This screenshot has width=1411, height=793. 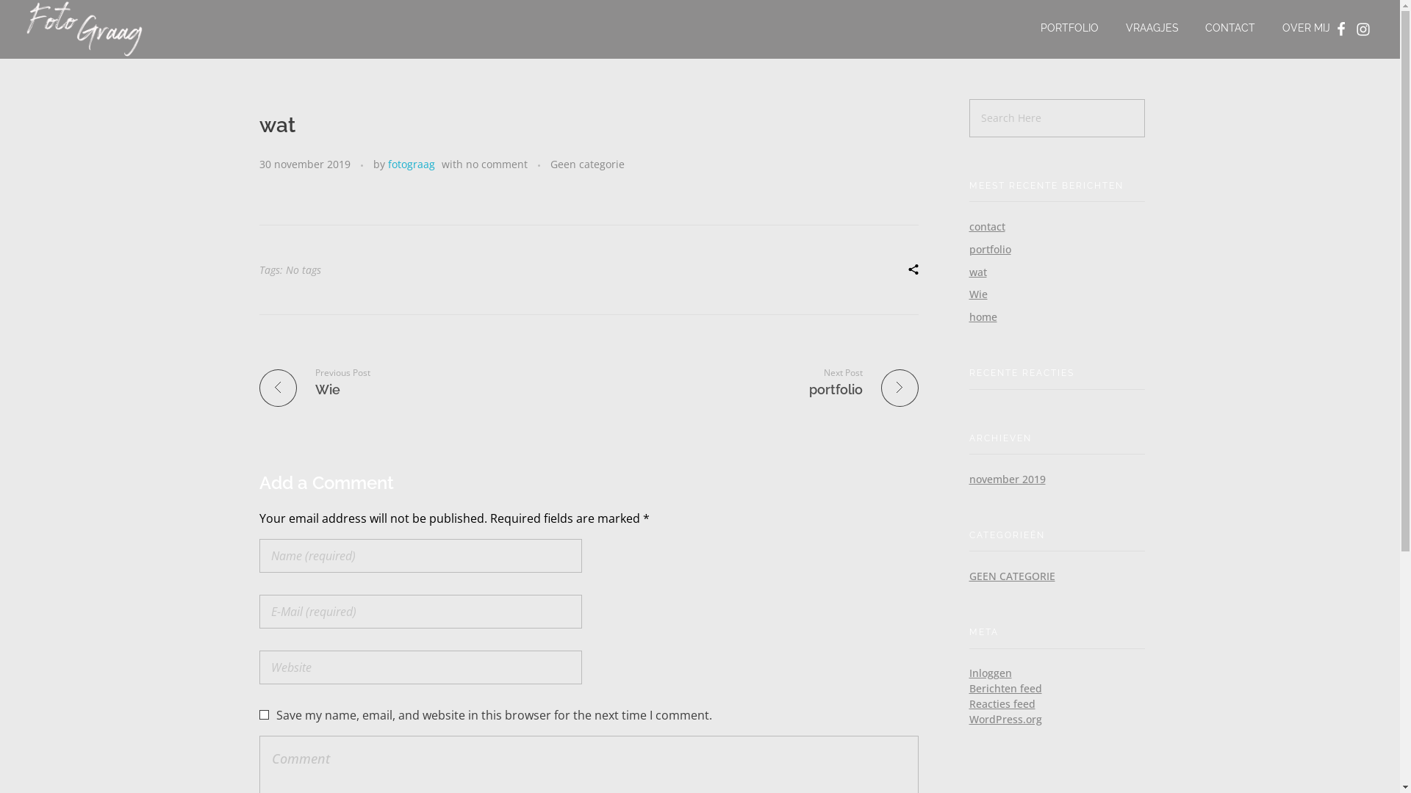 What do you see at coordinates (990, 673) in the screenshot?
I see `'Inloggen'` at bounding box center [990, 673].